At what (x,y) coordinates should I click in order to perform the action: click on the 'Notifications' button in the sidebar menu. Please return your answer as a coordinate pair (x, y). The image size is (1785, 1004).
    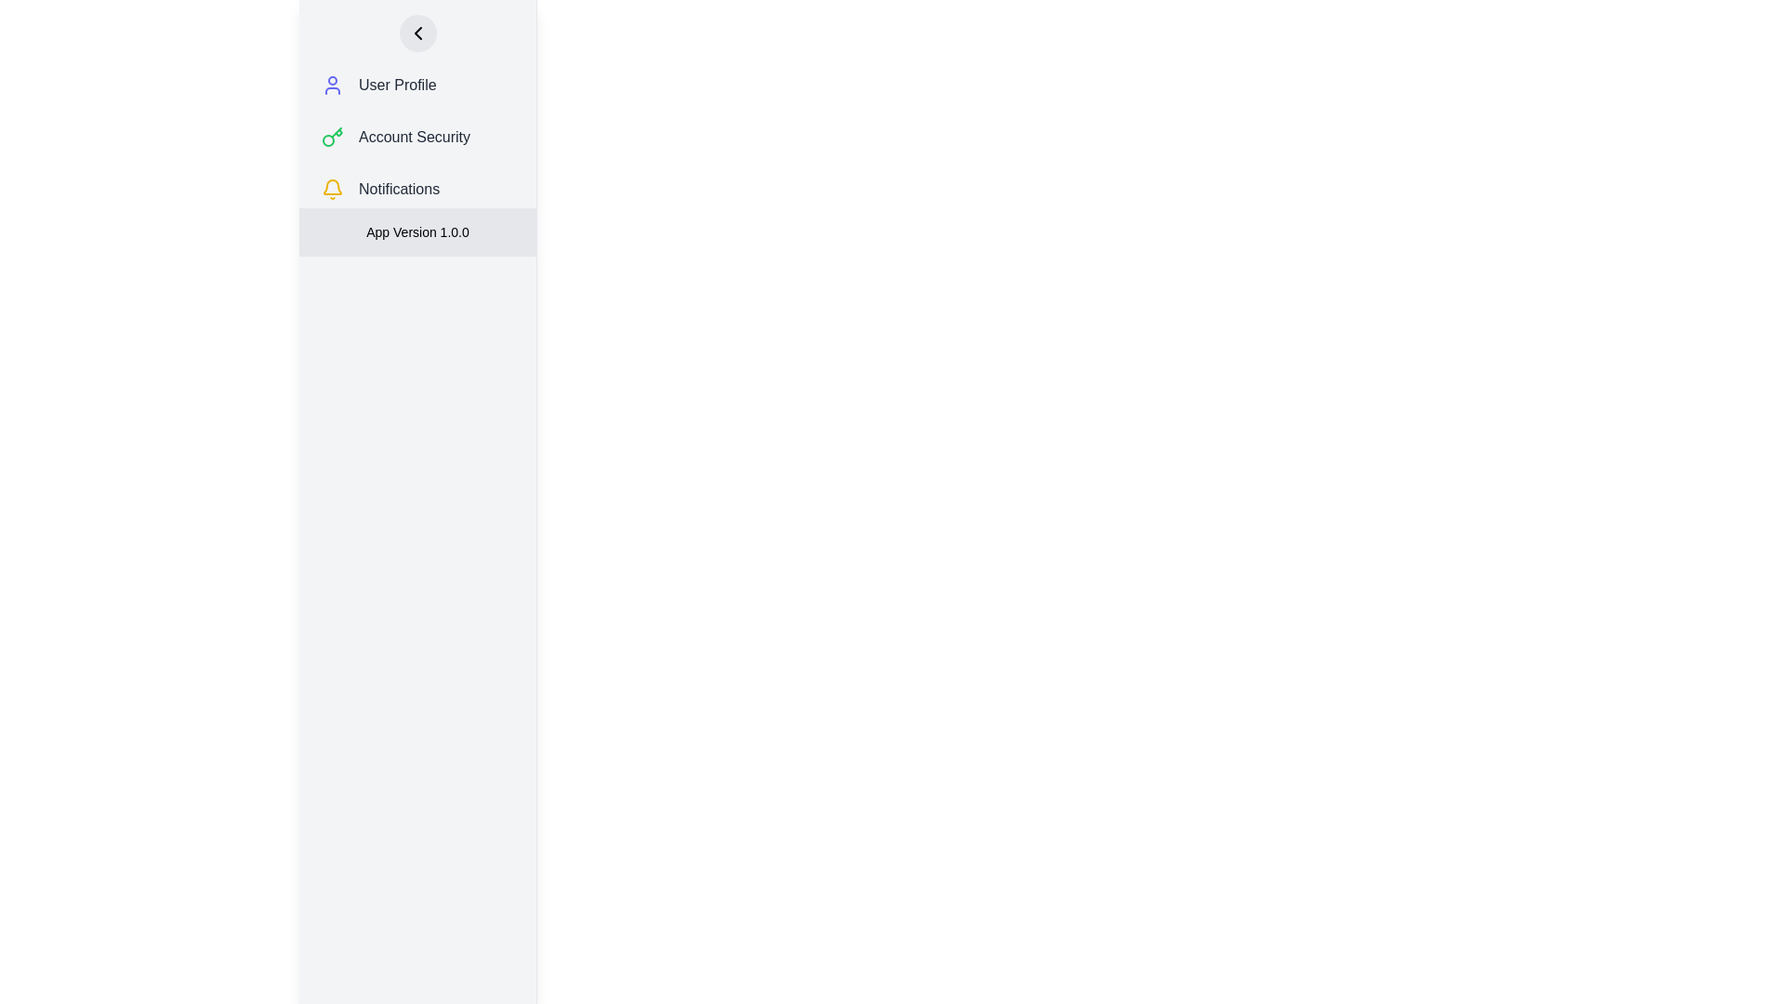
    Looking at the image, I should click on (416, 190).